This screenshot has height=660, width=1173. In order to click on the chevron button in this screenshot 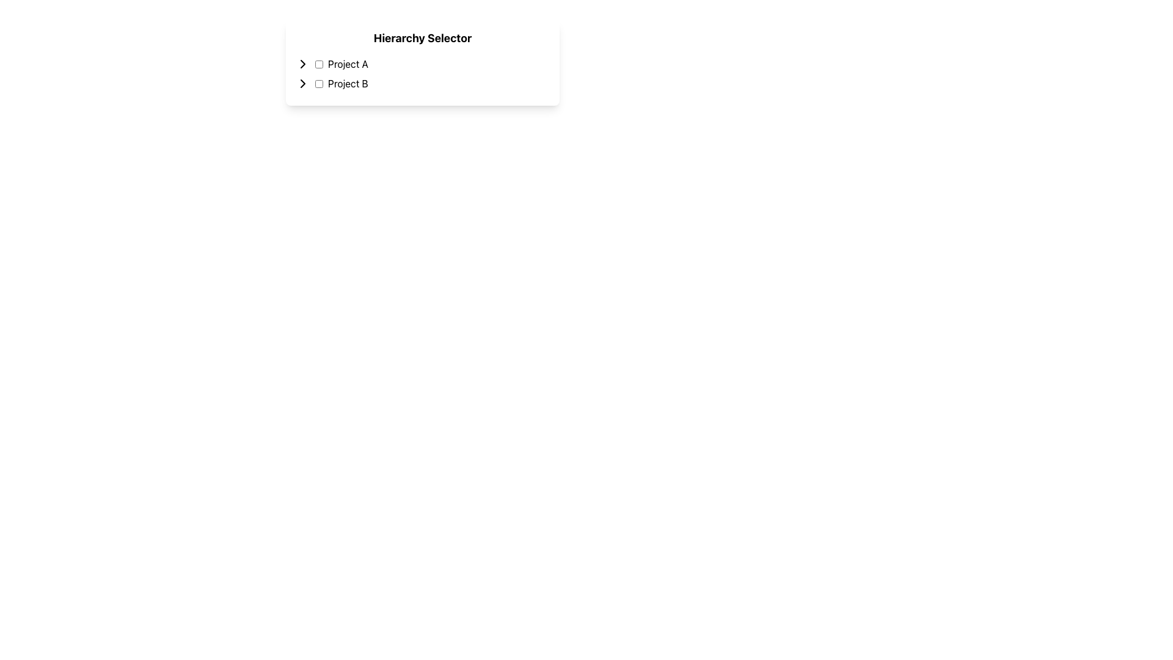, I will do `click(302, 83)`.